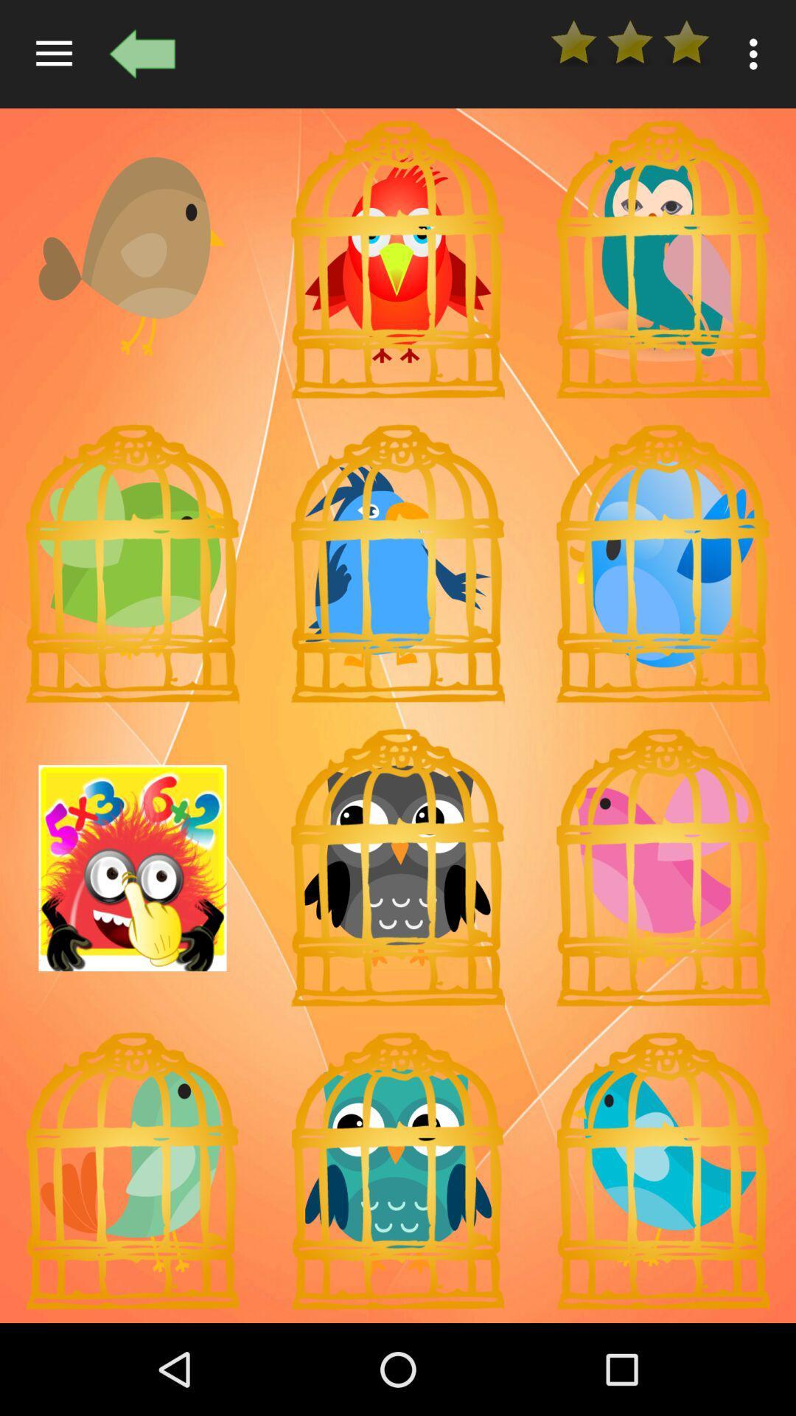  Describe the element at coordinates (133, 868) in the screenshot. I see `it indicates the sun to make a smile` at that location.